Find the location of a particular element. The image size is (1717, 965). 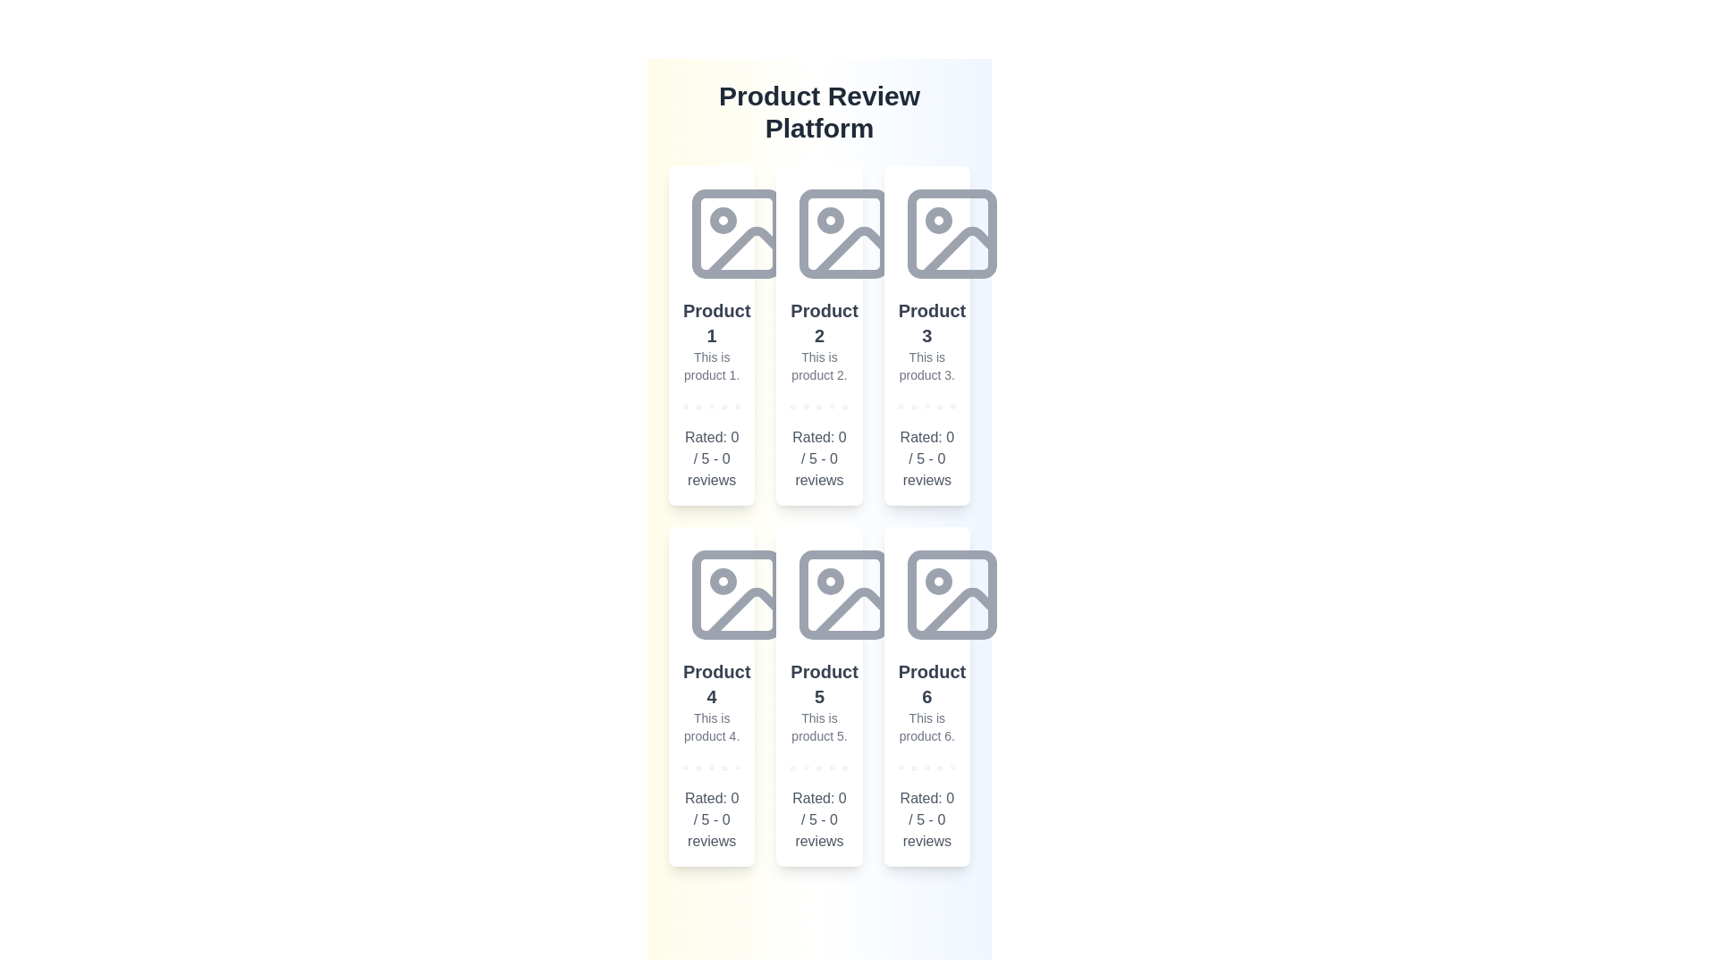

the details of the product card Product 6 is located at coordinates (926, 695).